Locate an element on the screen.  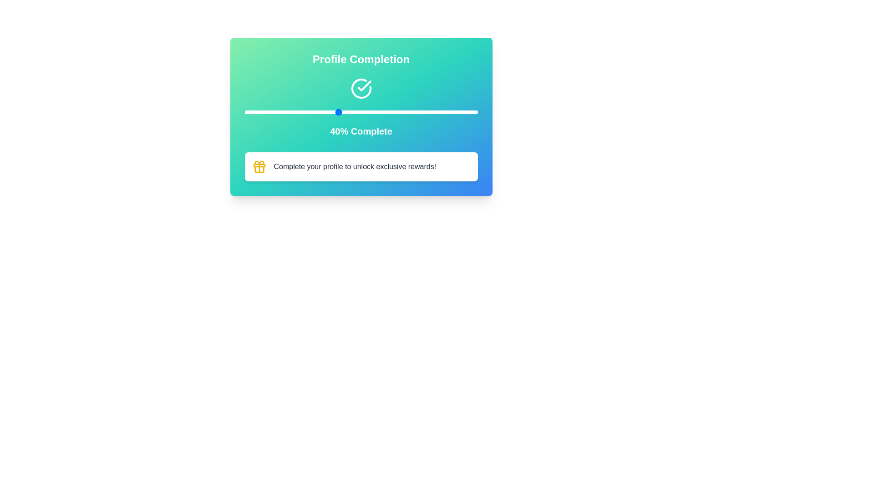
the slider to set the completion percentage to 4 is located at coordinates (254, 111).